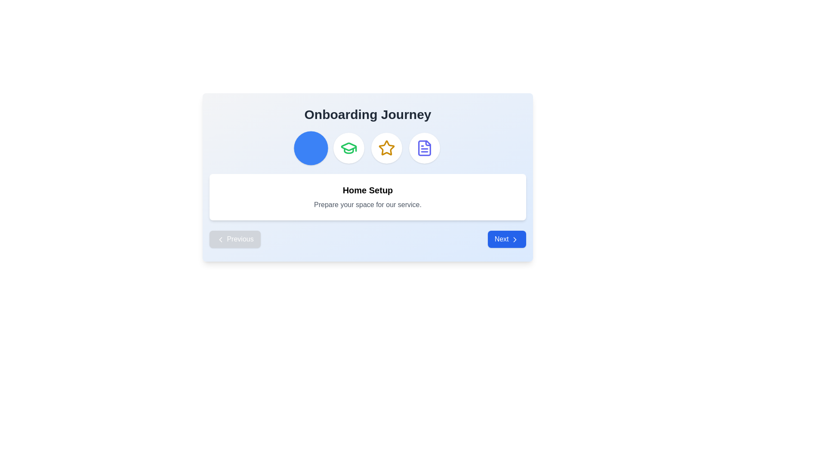  I want to click on the third star-shaped icon in a row of four icons at the upper section of the card, which is colored yellow-gold and is used for rating or selection, so click(386, 147).